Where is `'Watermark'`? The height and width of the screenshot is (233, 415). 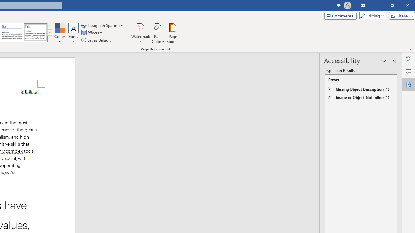
'Watermark' is located at coordinates (140, 33).